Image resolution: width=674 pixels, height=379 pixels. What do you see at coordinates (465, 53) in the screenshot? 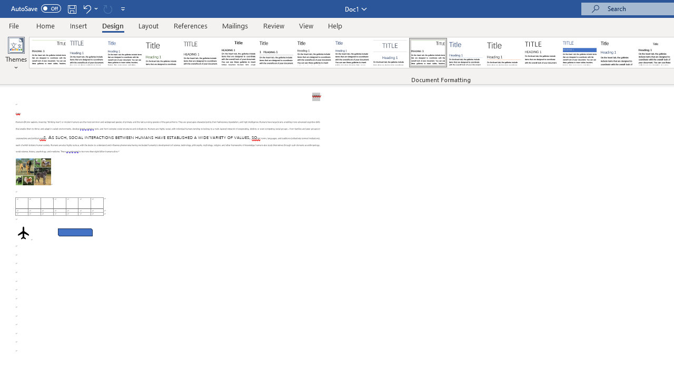
I see `'Lines (Simple)'` at bounding box center [465, 53].